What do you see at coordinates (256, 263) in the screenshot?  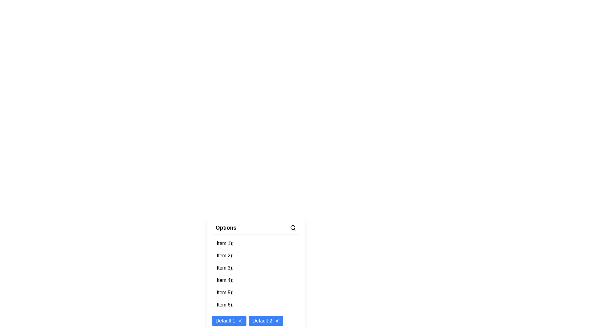 I see `individual items in the scrollable options list labeled 'Options', which is positioned near the bottom center of the interface` at bounding box center [256, 263].